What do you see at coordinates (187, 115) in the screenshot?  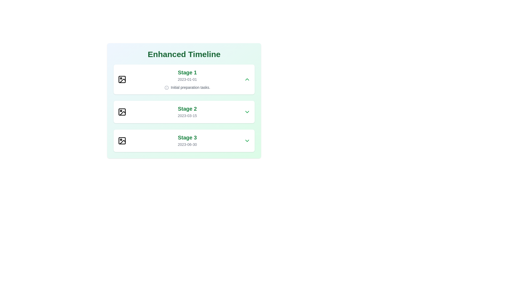 I see `the timestamp text associated with the 'Stage 2' timeline phase` at bounding box center [187, 115].